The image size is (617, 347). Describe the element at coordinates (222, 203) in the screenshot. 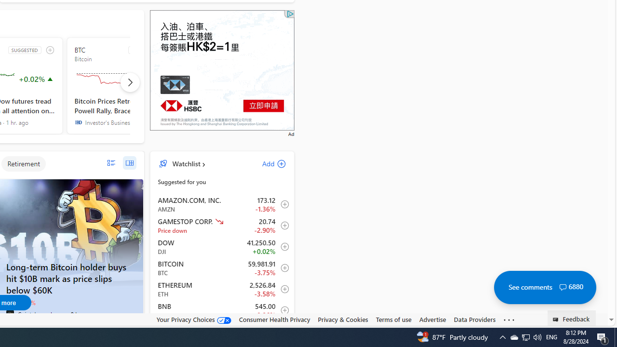

I see `'AMZN AMAZON.COM, INC. decrease 173.12 -2.38 -1.36% item0'` at that location.